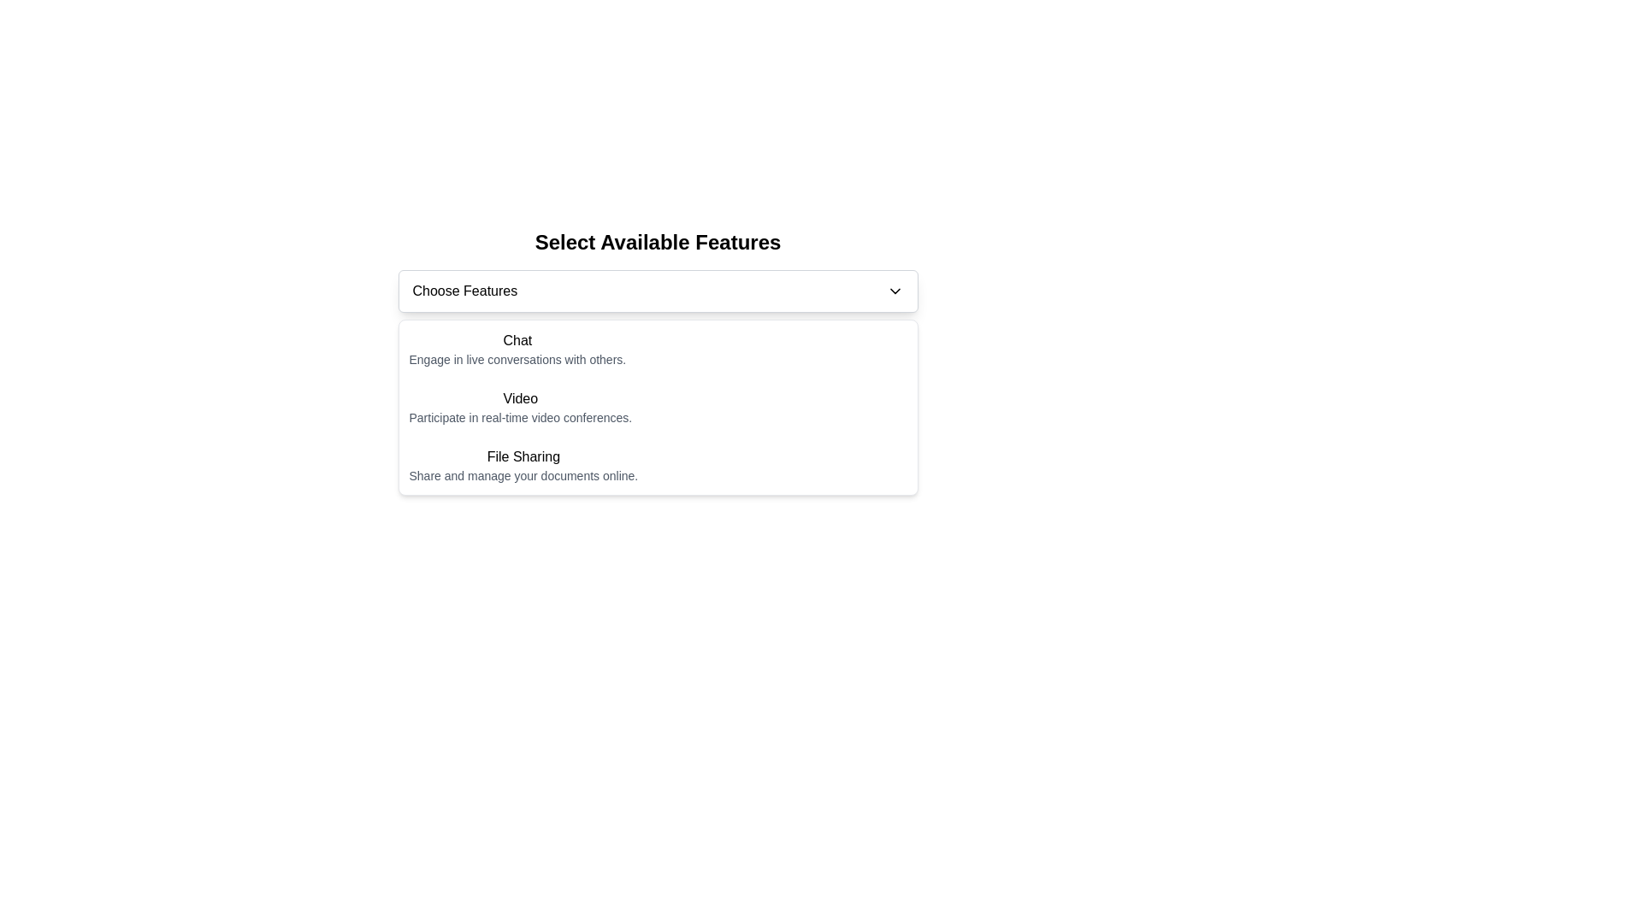  Describe the element at coordinates (657, 408) in the screenshot. I see `the Interactive List Row featuring the title 'Video' and description 'Participate in real-time video conferences.'` at that location.